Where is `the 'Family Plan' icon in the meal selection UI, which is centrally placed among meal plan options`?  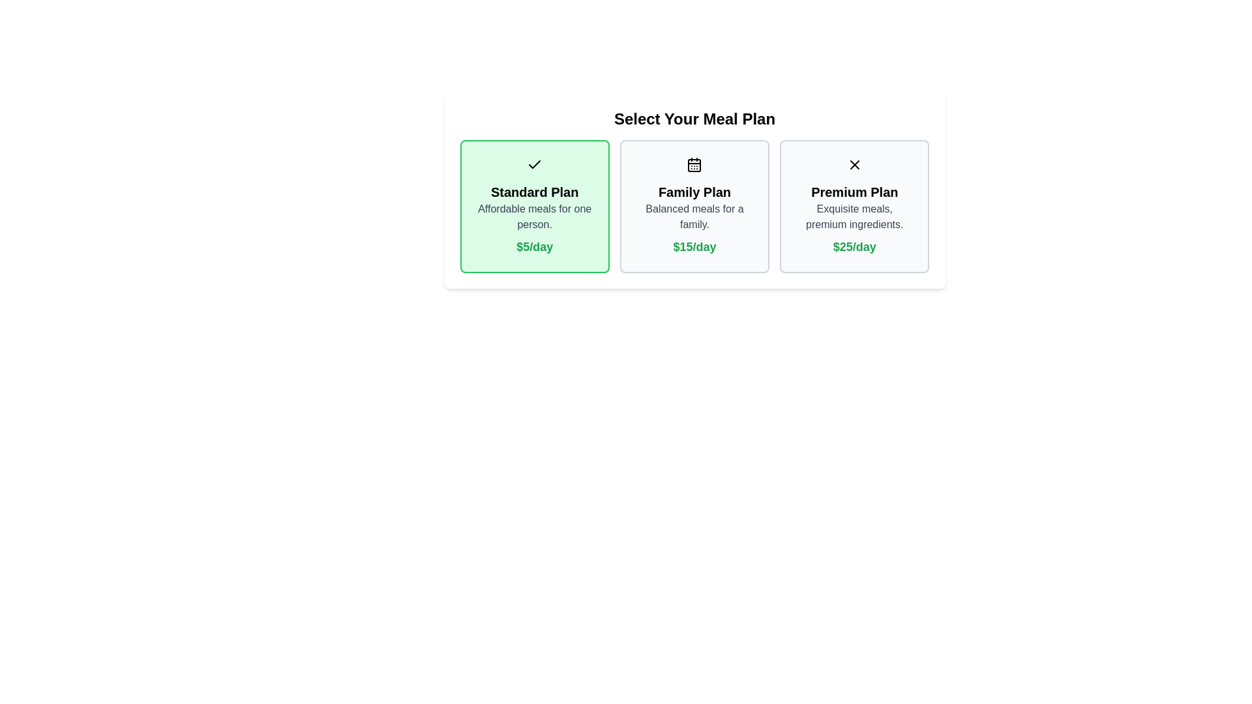 the 'Family Plan' icon in the meal selection UI, which is centrally placed among meal plan options is located at coordinates (694, 165).